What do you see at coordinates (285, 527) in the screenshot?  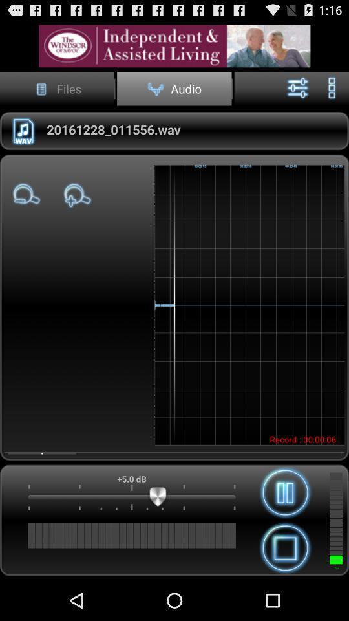 I see `the pause icon` at bounding box center [285, 527].